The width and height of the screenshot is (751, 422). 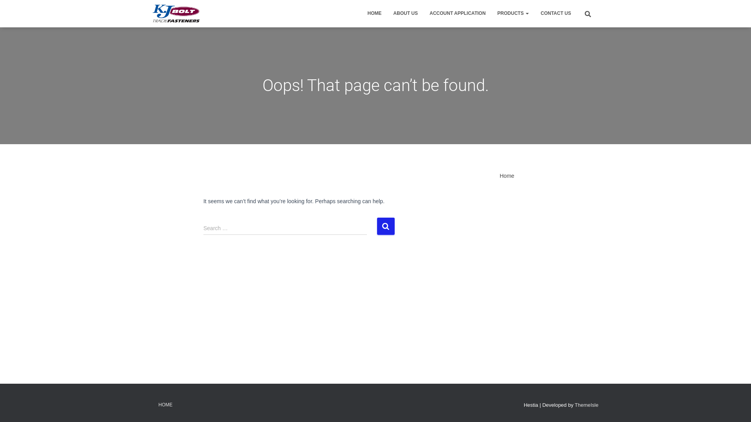 What do you see at coordinates (507, 176) in the screenshot?
I see `'Home'` at bounding box center [507, 176].